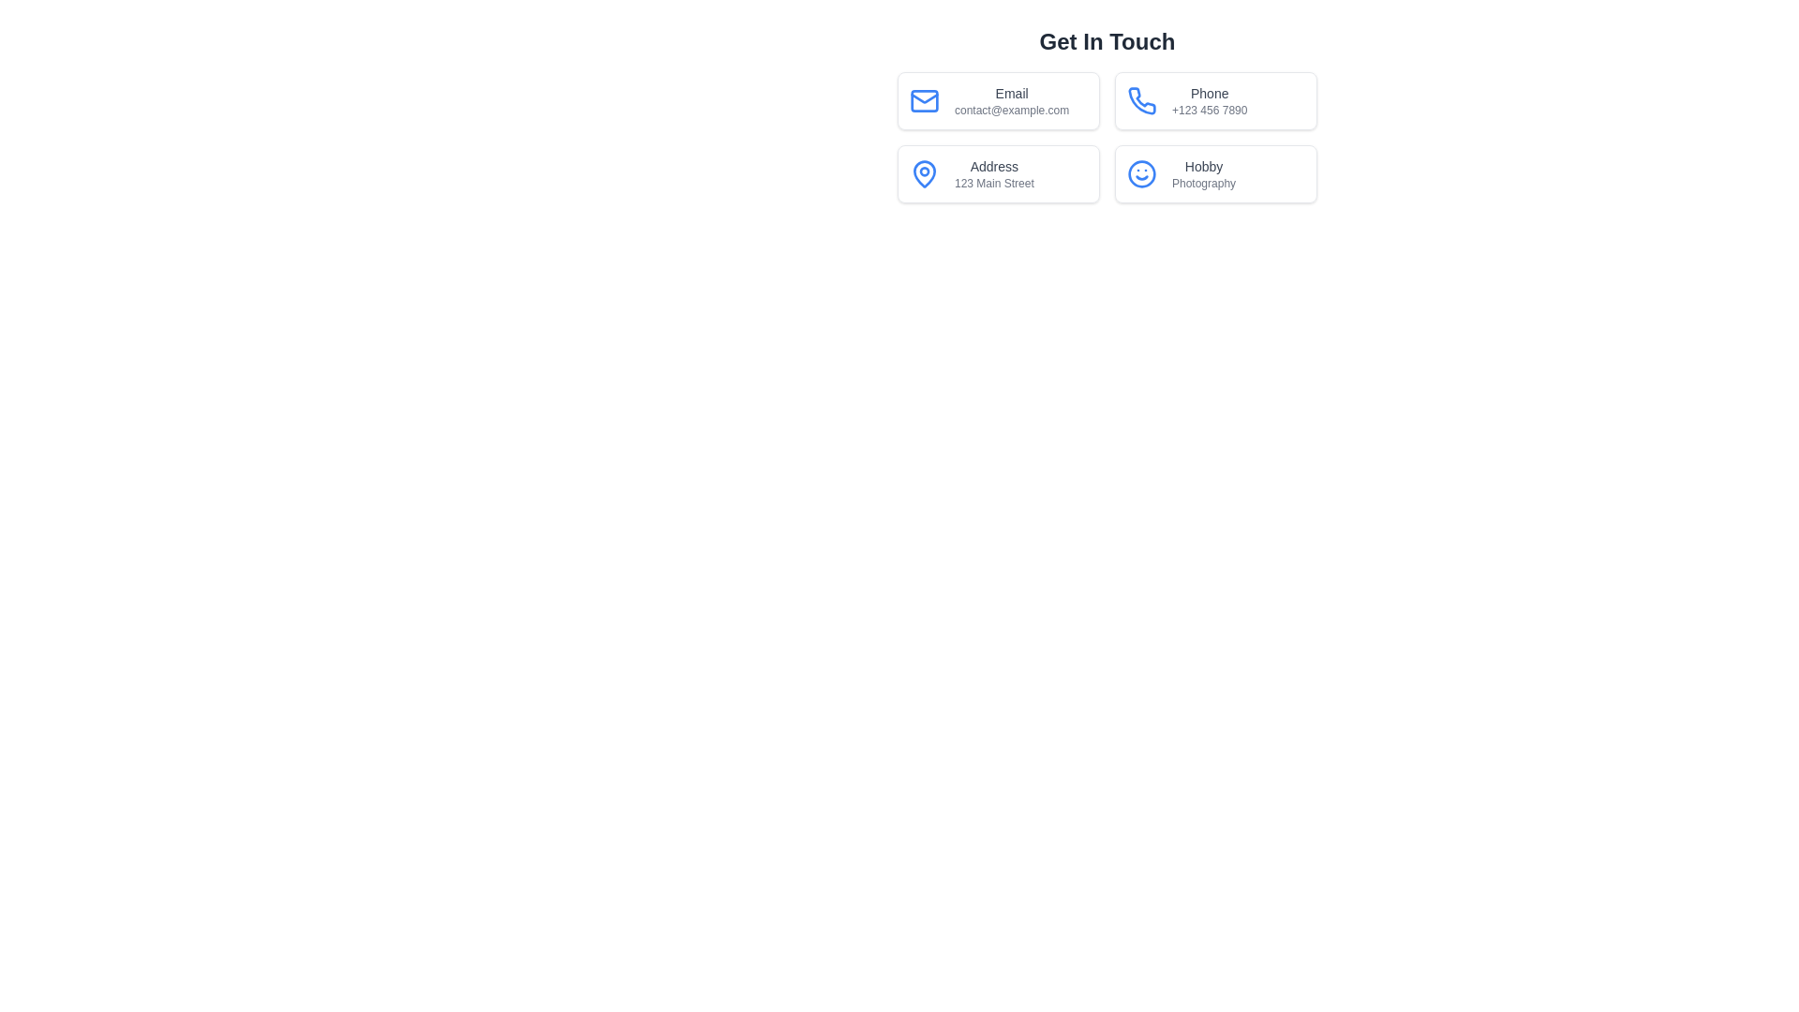 Image resolution: width=1799 pixels, height=1012 pixels. Describe the element at coordinates (993, 184) in the screenshot. I see `the text label displaying '123 Main Street', which is located under the 'Address' label in the bottom-left quadrant of the layout` at that location.